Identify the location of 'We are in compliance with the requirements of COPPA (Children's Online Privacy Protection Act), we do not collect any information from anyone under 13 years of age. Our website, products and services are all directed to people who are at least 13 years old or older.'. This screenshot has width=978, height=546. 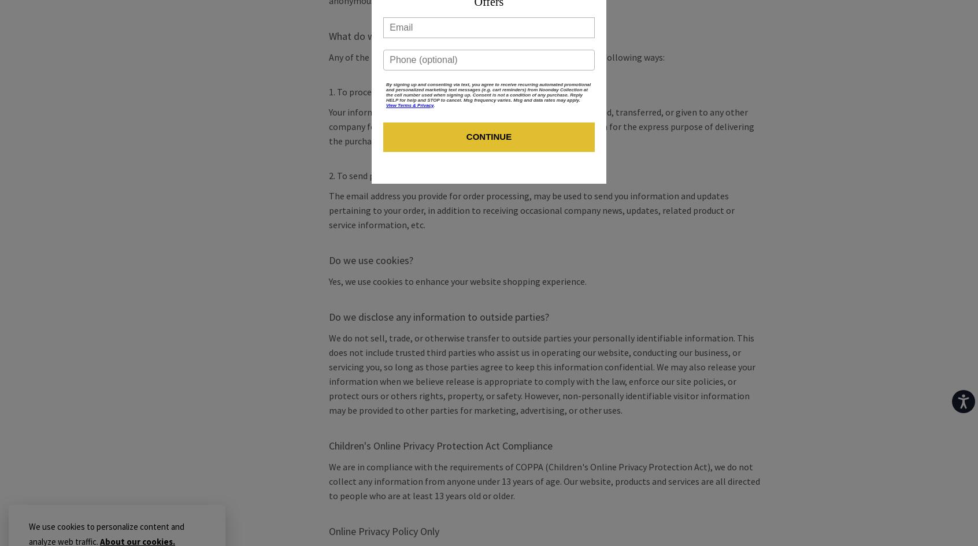
(543, 481).